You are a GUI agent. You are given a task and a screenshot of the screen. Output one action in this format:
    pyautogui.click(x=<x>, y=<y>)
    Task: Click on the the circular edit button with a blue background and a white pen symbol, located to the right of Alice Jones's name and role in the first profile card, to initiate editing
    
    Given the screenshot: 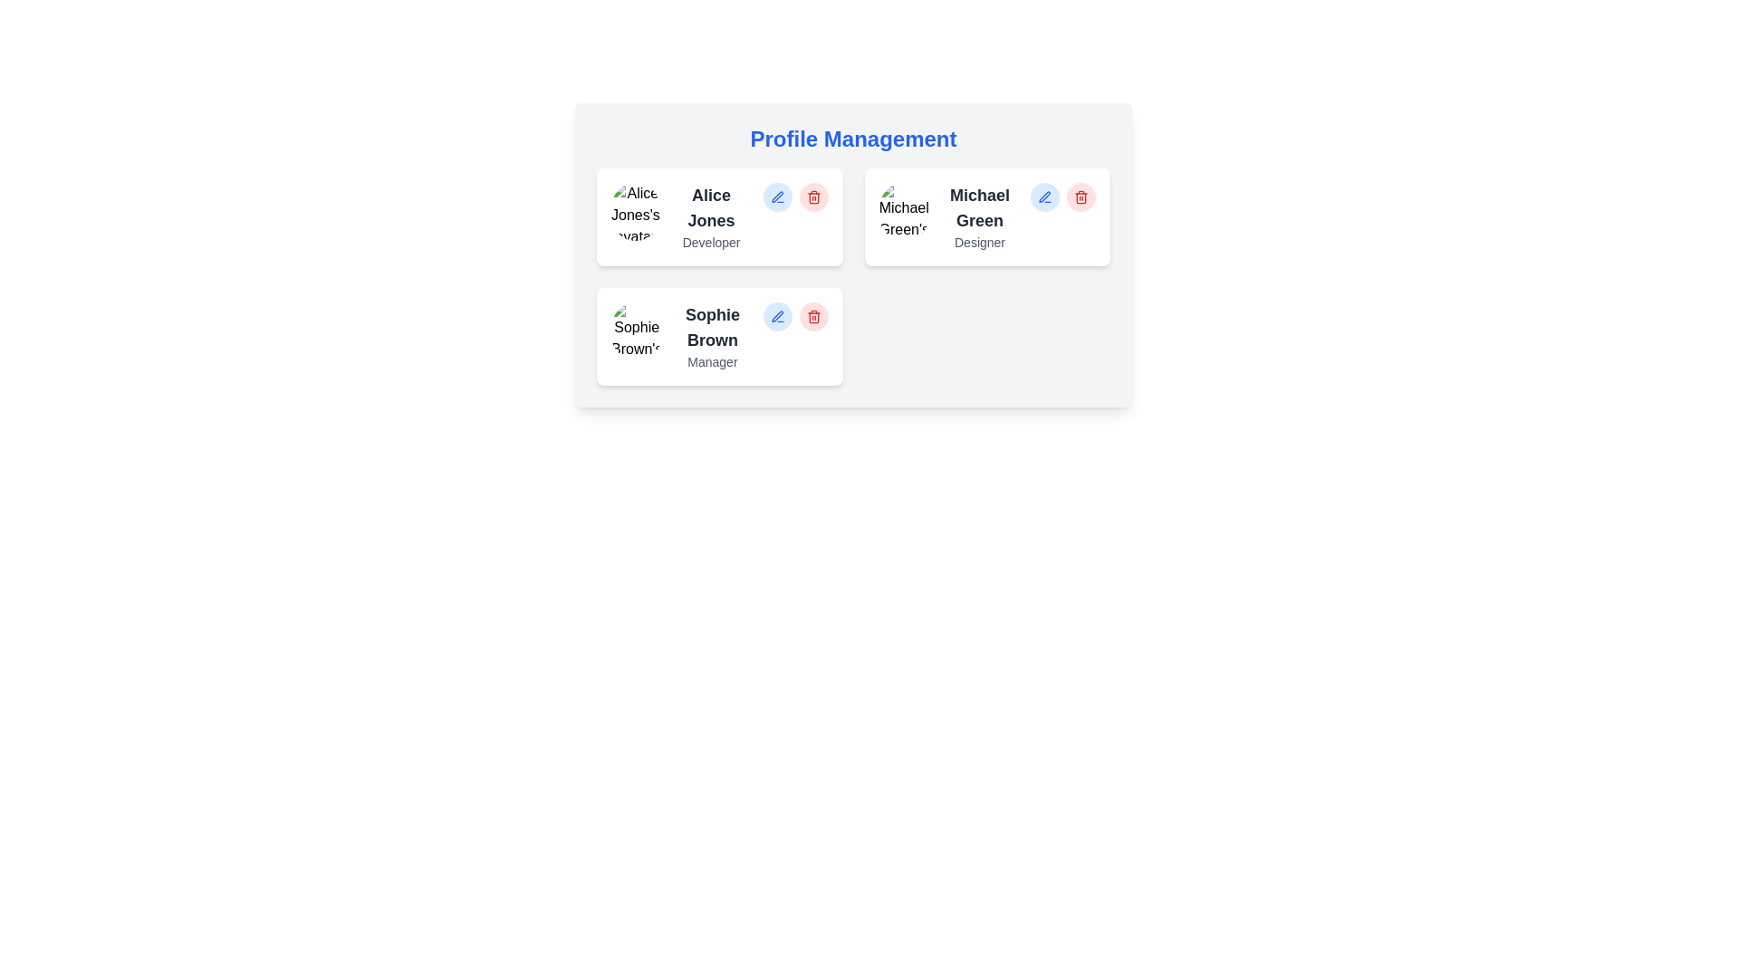 What is the action you would take?
    pyautogui.click(x=777, y=197)
    